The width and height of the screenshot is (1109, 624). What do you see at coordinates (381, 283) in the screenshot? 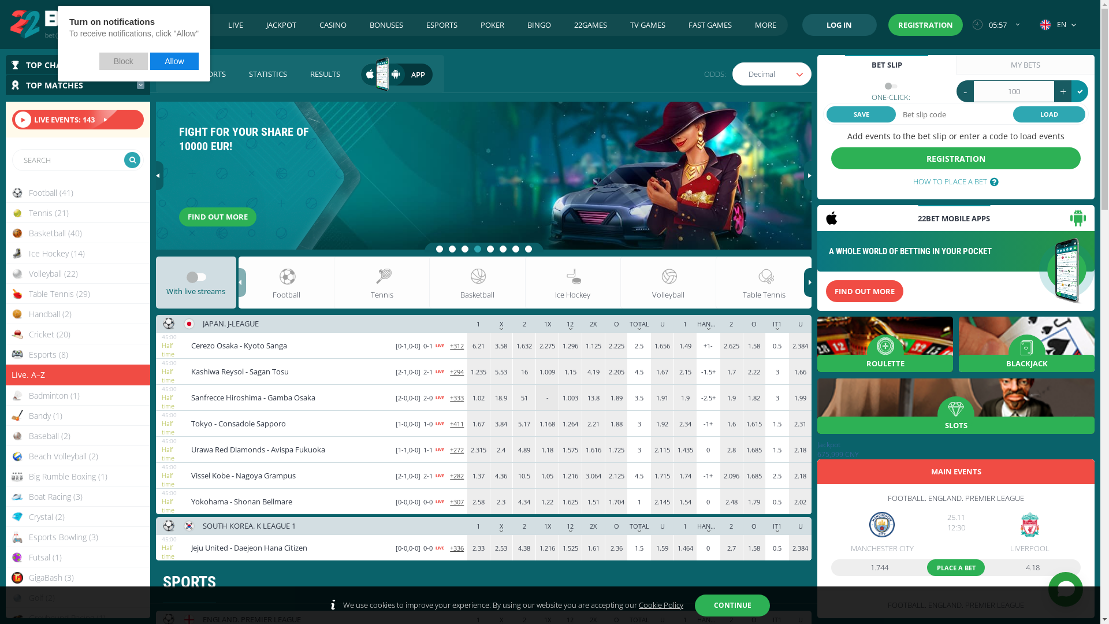
I see `'Tennis'` at bounding box center [381, 283].